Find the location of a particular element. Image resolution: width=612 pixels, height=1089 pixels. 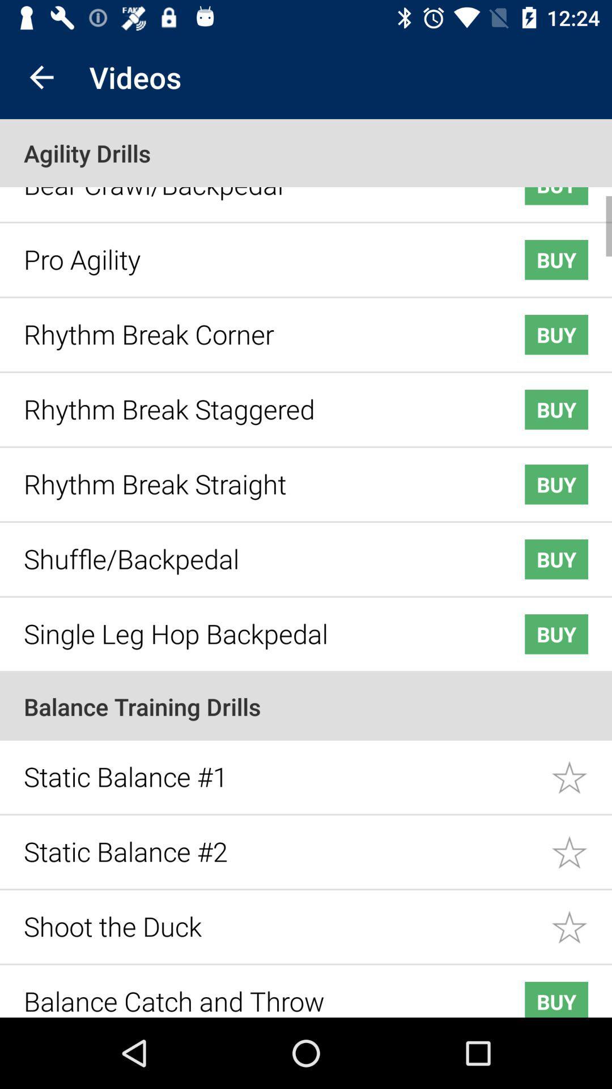

the icon above balance training drills is located at coordinates (256, 624).